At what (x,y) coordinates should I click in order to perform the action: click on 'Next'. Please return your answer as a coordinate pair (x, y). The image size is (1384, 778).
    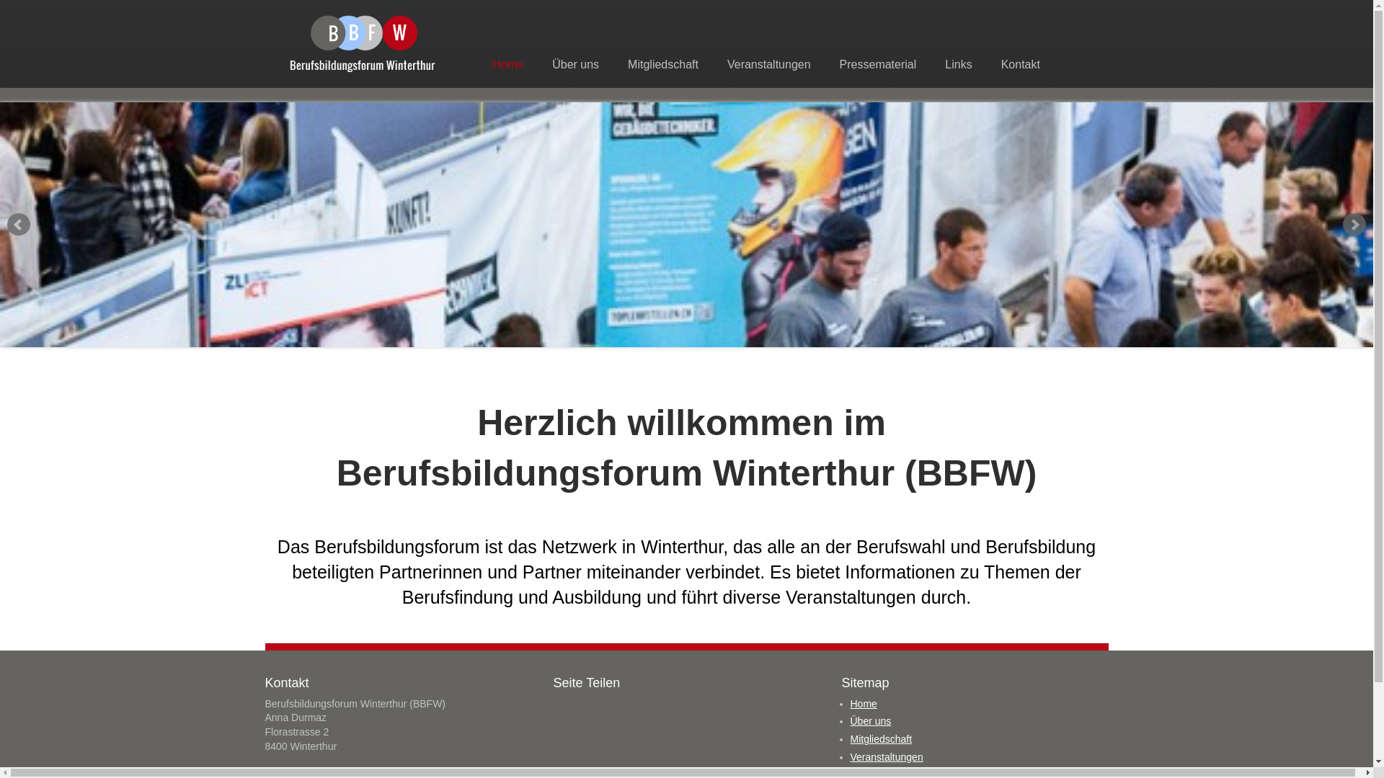
    Looking at the image, I should click on (1341, 225).